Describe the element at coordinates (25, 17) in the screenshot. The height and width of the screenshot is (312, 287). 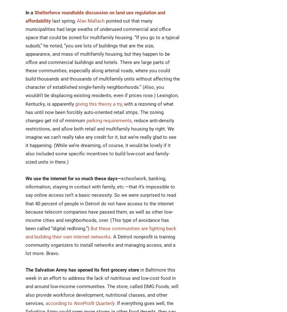
I see `'Shelterforce roundtable discussion on land use regulation and affordability'` at that location.